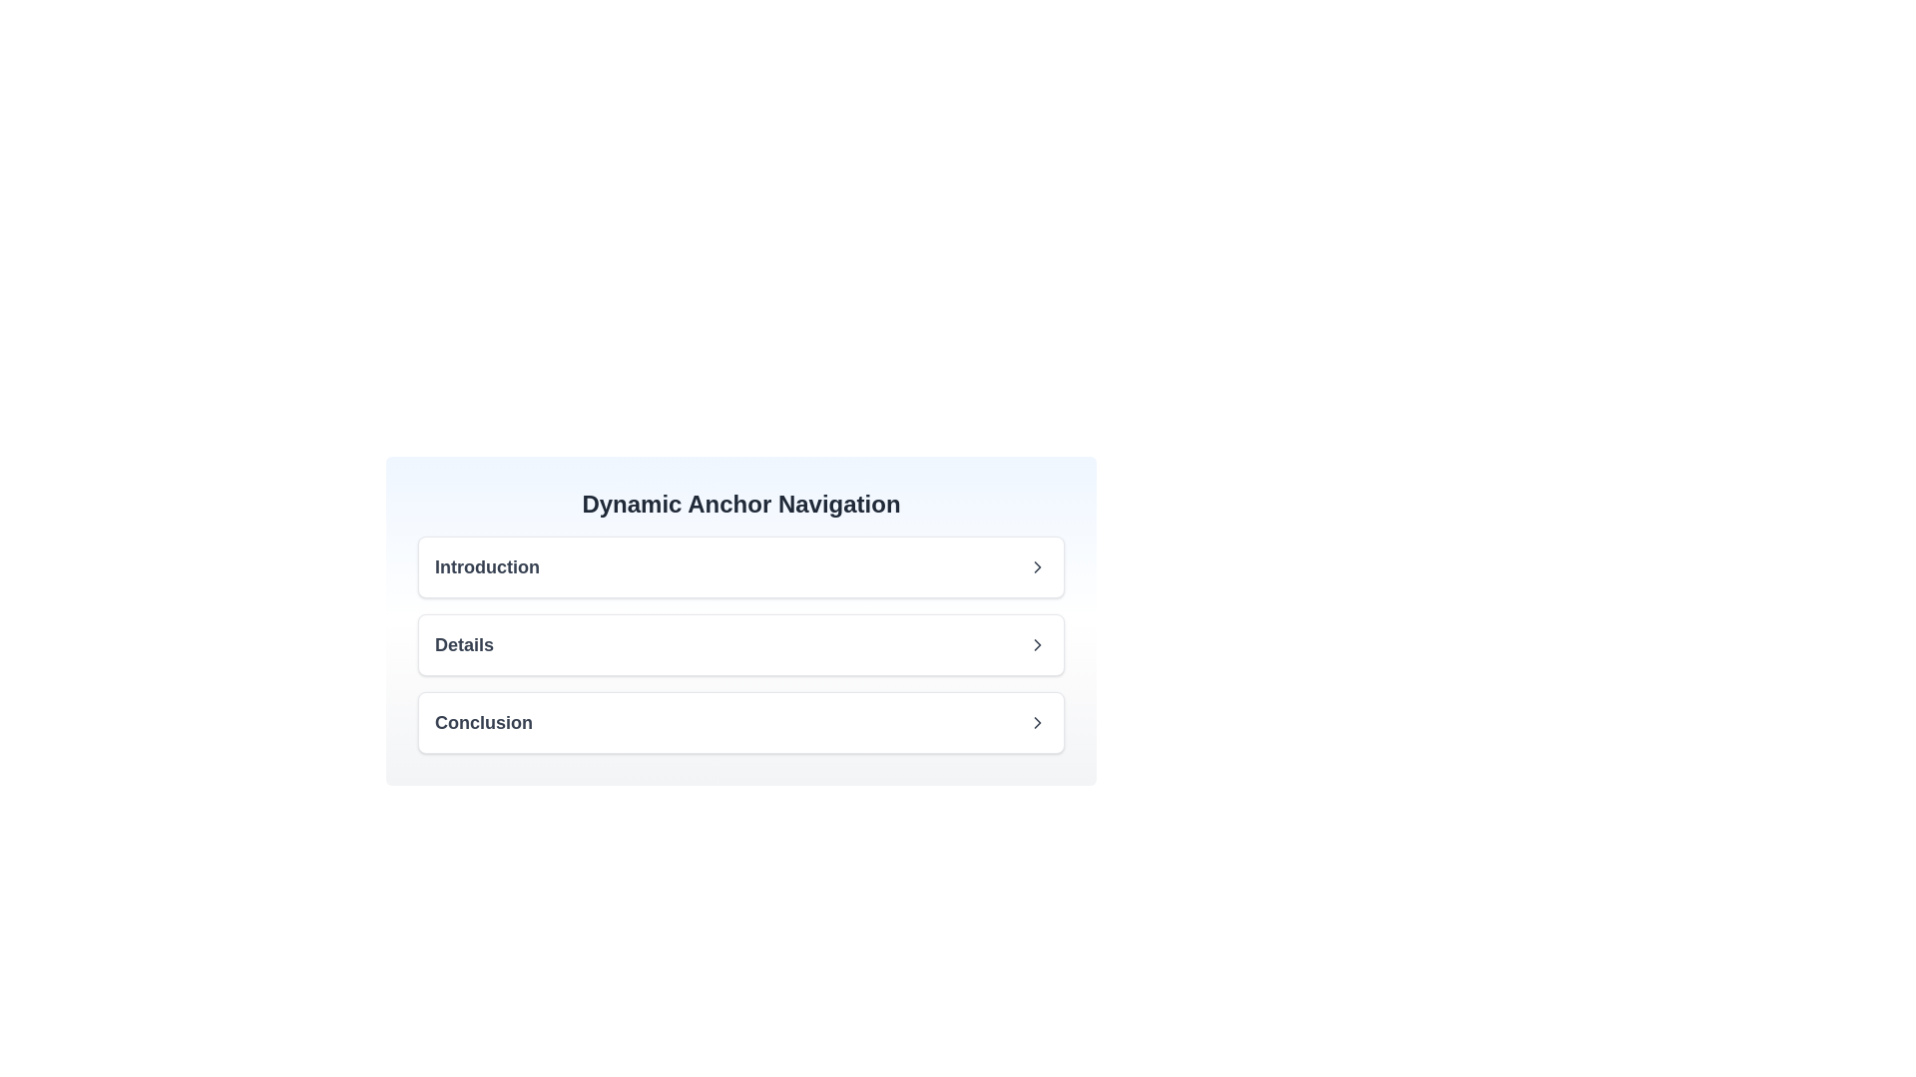 The width and height of the screenshot is (1916, 1077). I want to click on the navigation icon at the far right of the 'Conclusion' section, so click(1038, 723).